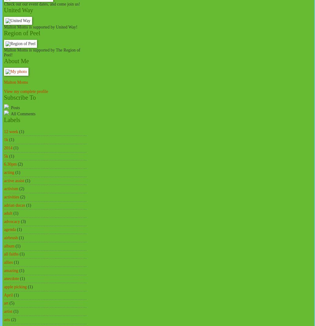 This screenshot has width=315, height=326. Describe the element at coordinates (8, 262) in the screenshot. I see `'allies'` at that location.